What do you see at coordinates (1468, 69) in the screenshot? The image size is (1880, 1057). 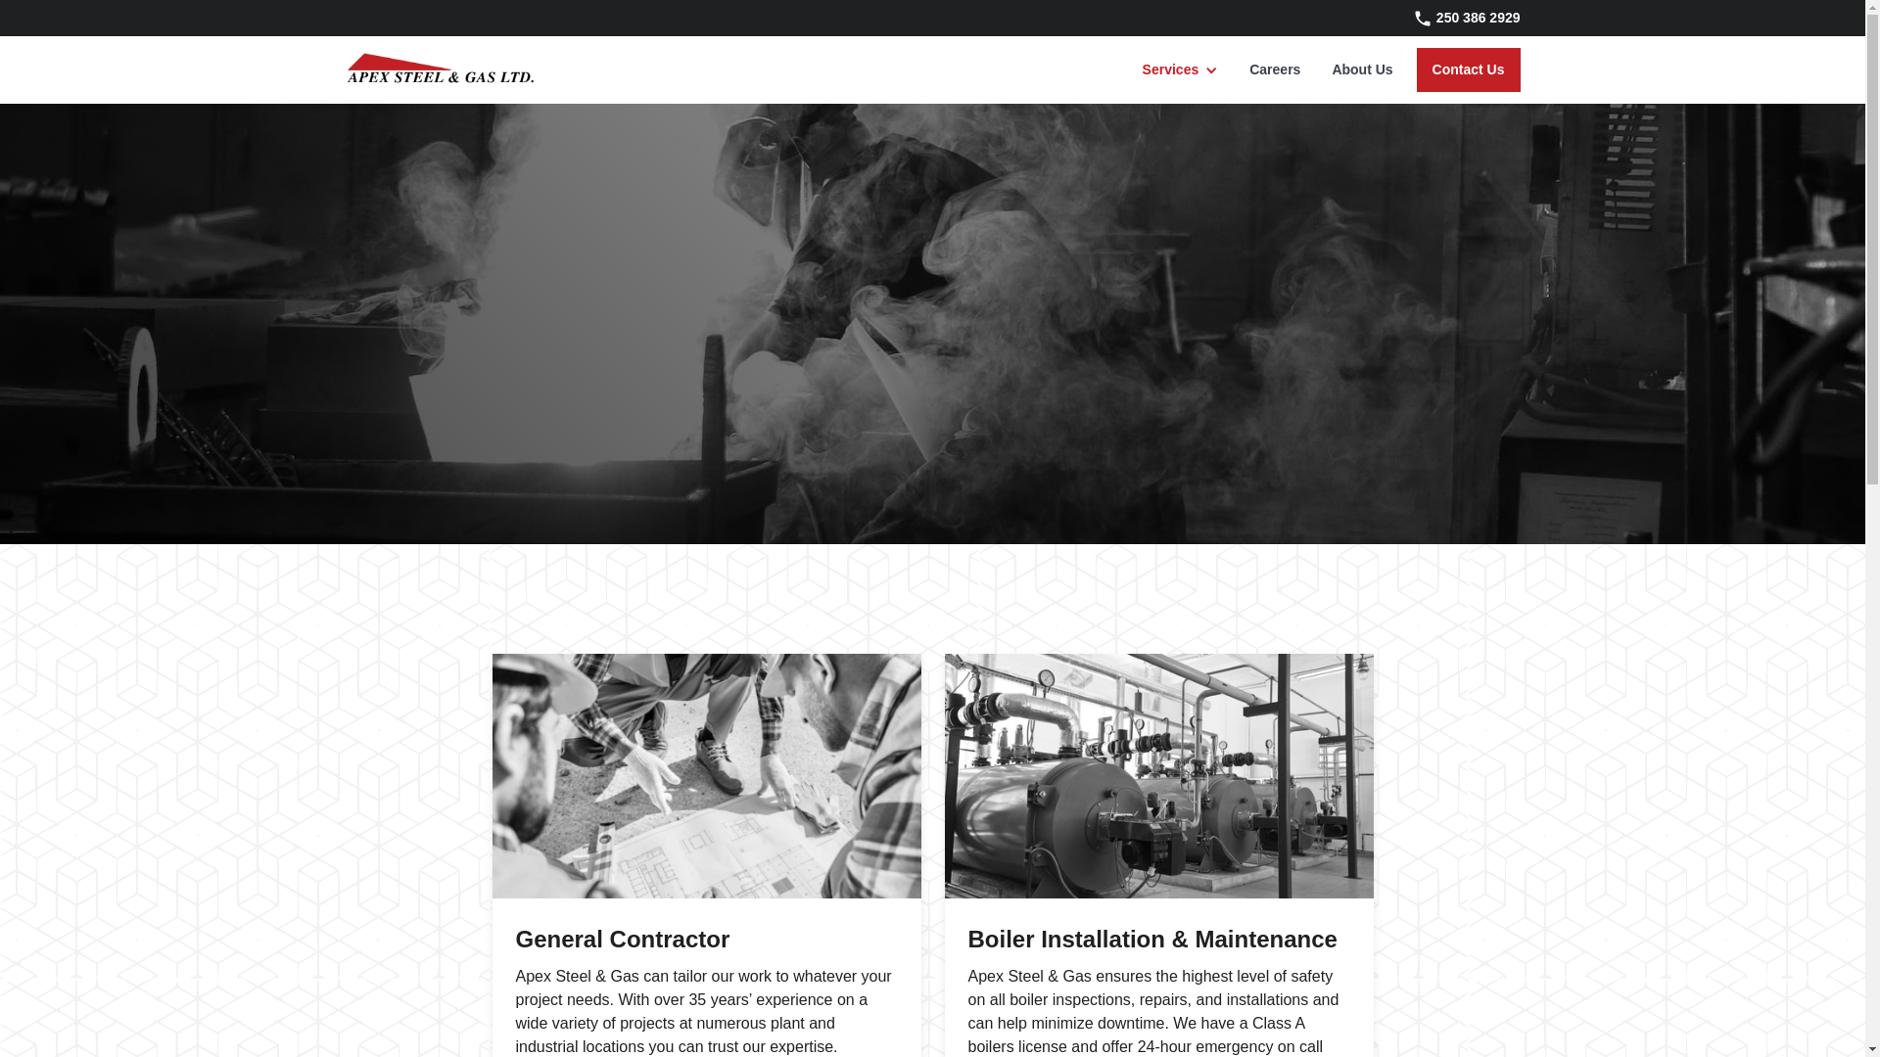 I see `'Contact Us'` at bounding box center [1468, 69].